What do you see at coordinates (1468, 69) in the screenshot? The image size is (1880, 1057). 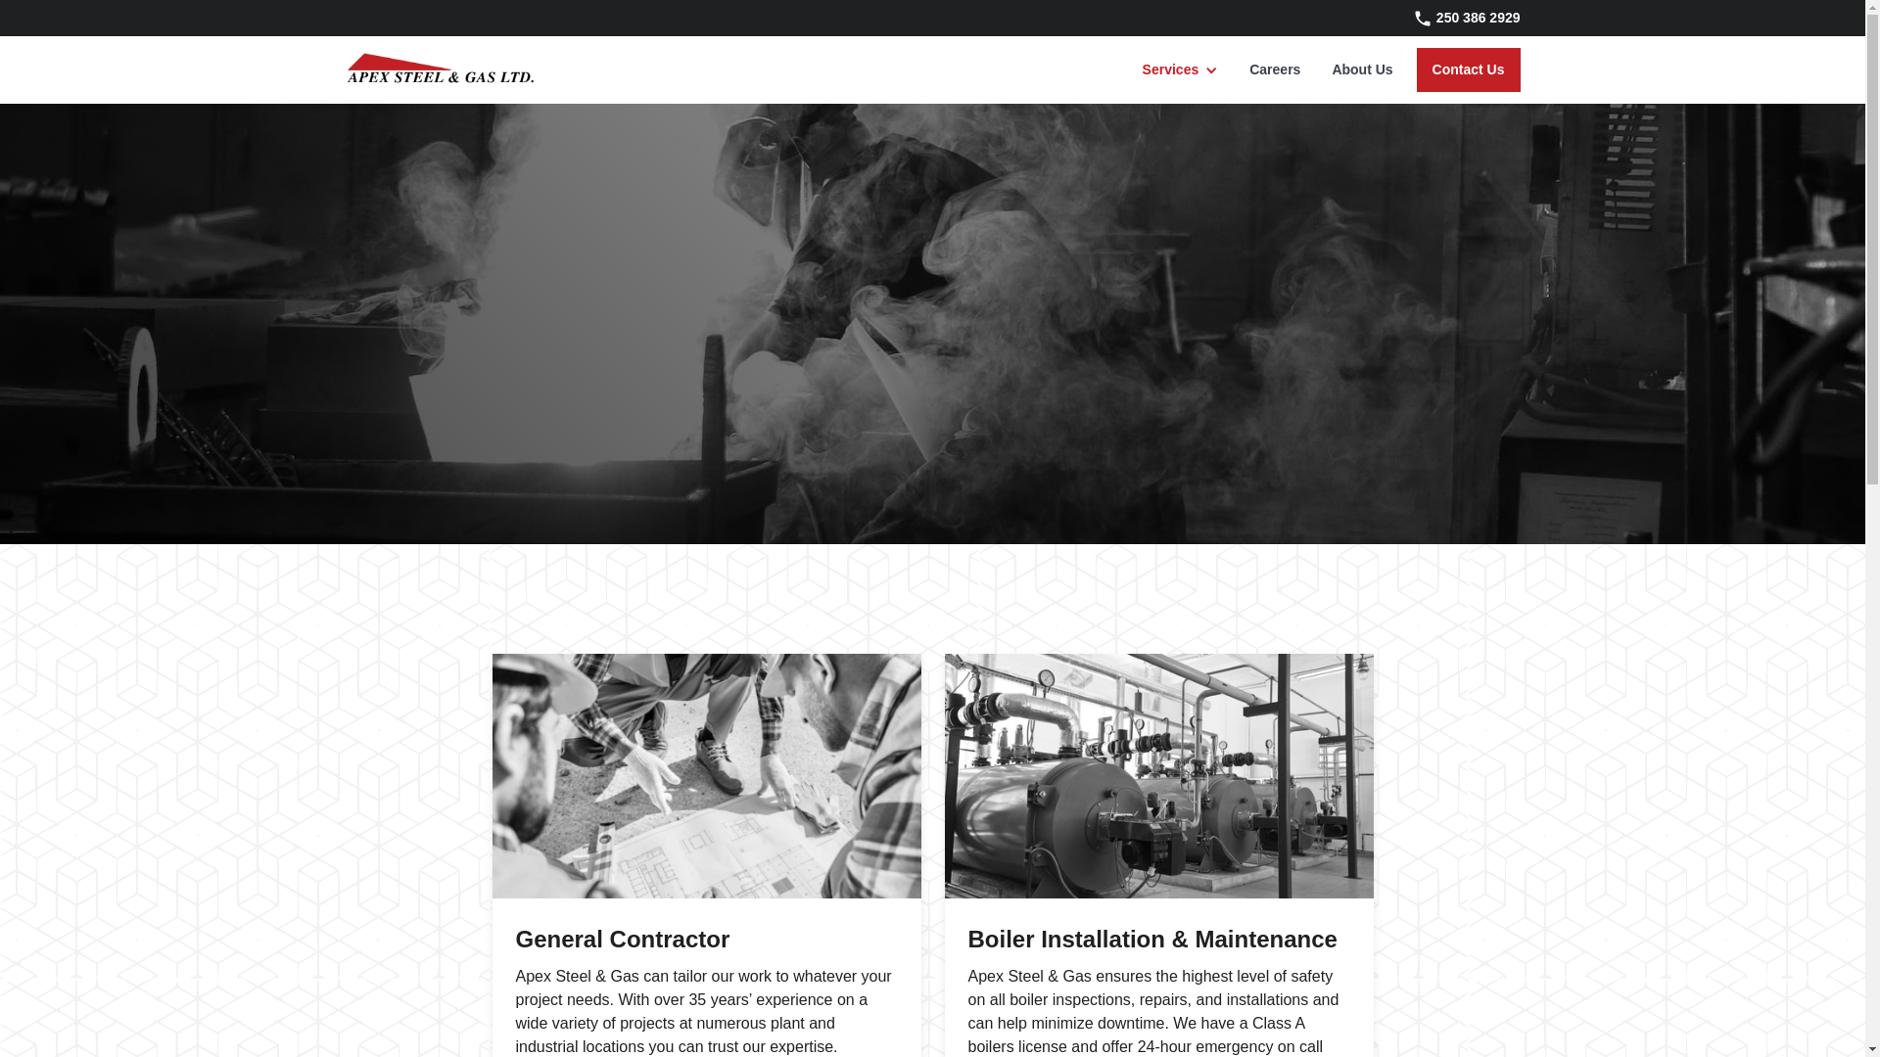 I see `'Contact Us'` at bounding box center [1468, 69].